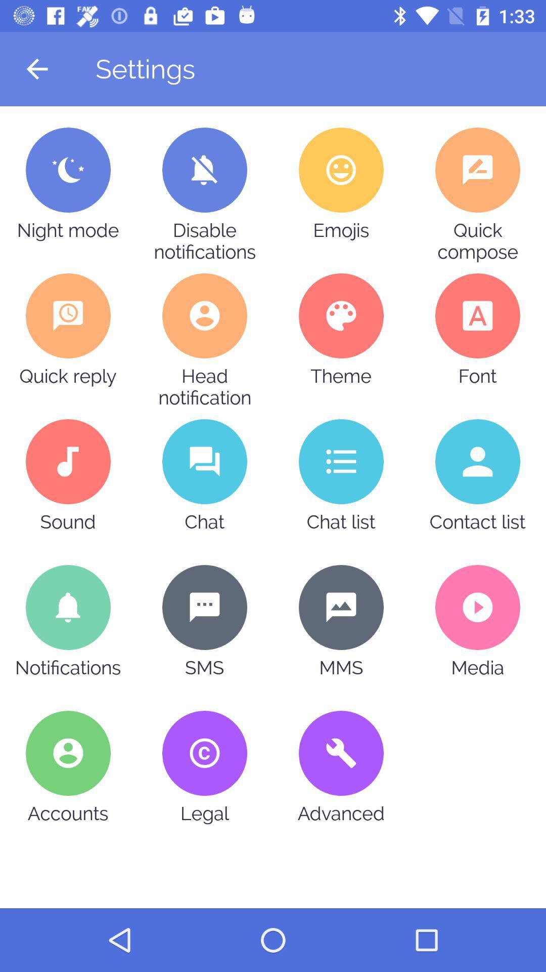 The image size is (546, 972). I want to click on the icon emojis, so click(341, 170).